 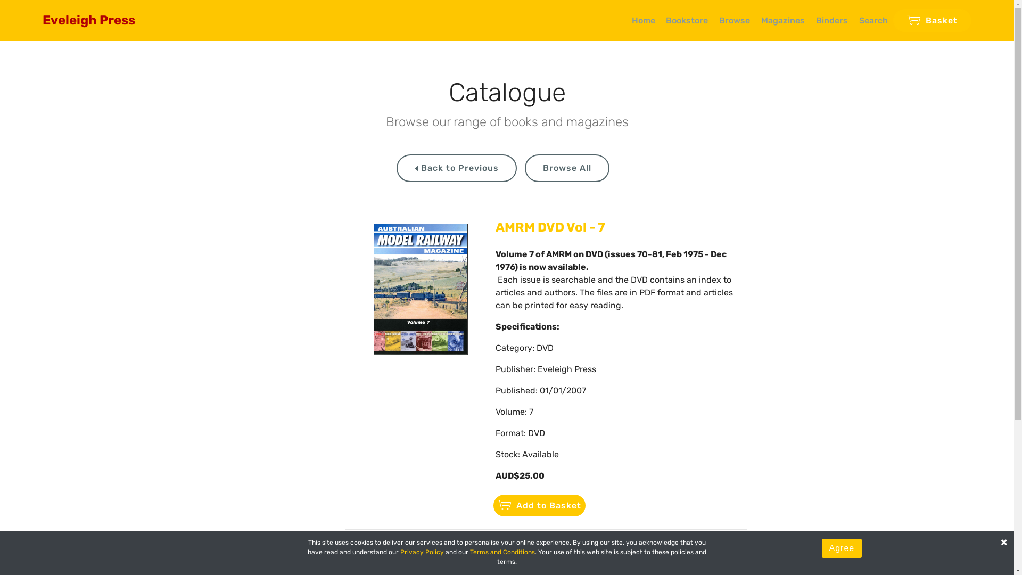 I want to click on 'Browse All', so click(x=566, y=168).